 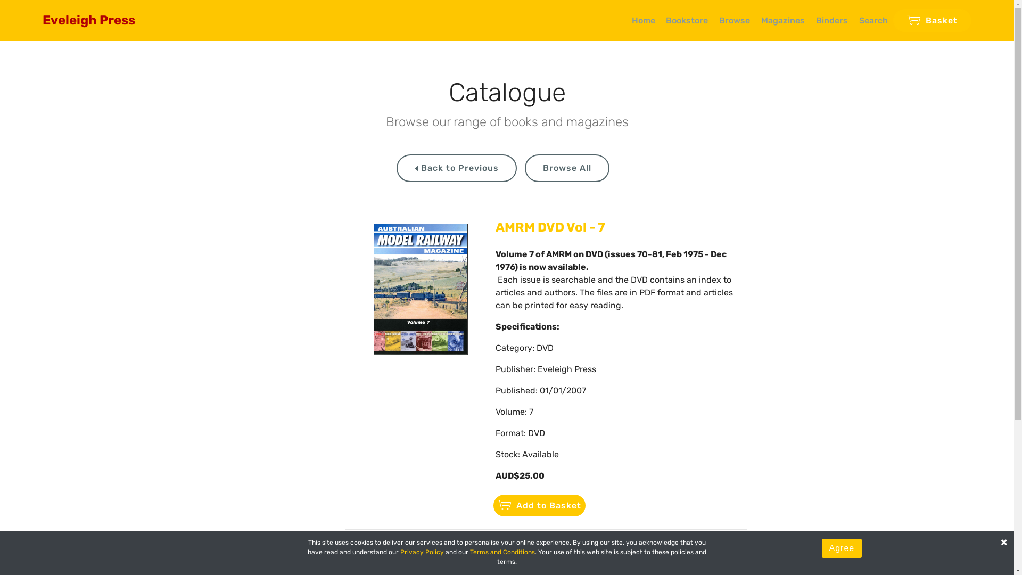 I want to click on 'Browse All', so click(x=566, y=168).